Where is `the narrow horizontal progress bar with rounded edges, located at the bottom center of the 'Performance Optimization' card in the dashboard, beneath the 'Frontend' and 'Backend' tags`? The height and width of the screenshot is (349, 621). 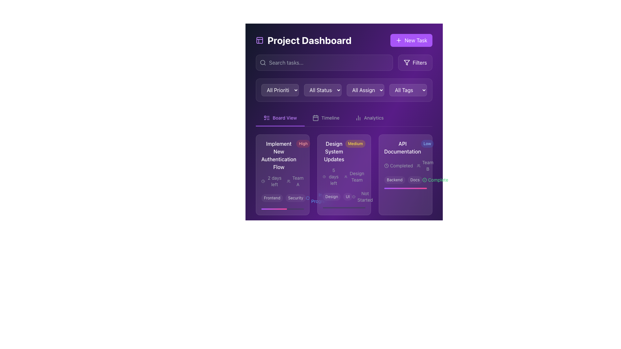
the narrow horizontal progress bar with rounded edges, located at the bottom center of the 'Performance Optimization' card in the dashboard, beneath the 'Frontend' and 'Backend' tags is located at coordinates (282, 281).